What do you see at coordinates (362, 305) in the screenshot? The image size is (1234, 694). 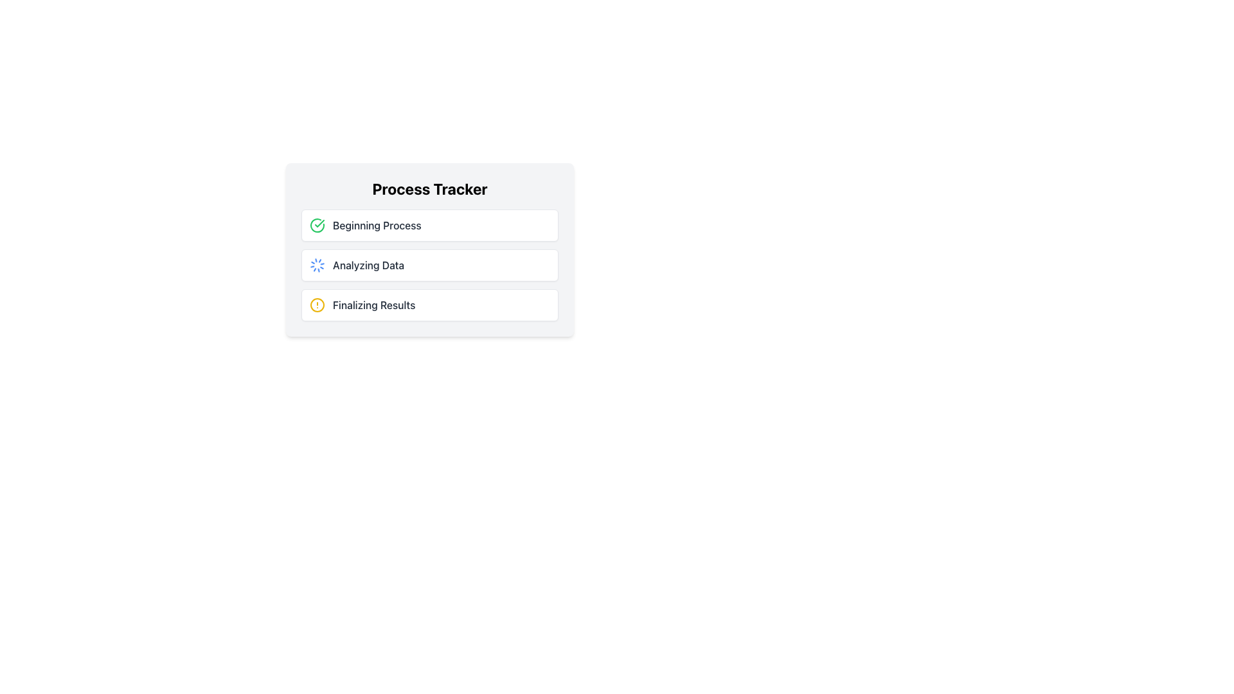 I see `the Status indicator for the 'Finalizing Results' stage in the Process Tracker, which indicates pending or under review status with an alert icon` at bounding box center [362, 305].